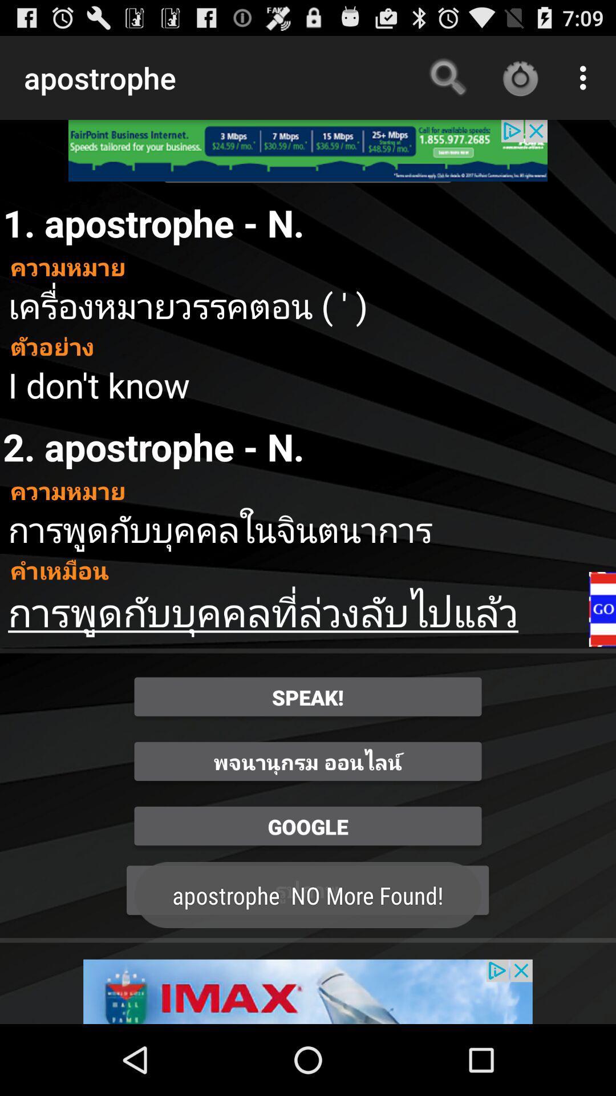 This screenshot has height=1096, width=616. What do you see at coordinates (602, 652) in the screenshot?
I see `the menu icon` at bounding box center [602, 652].